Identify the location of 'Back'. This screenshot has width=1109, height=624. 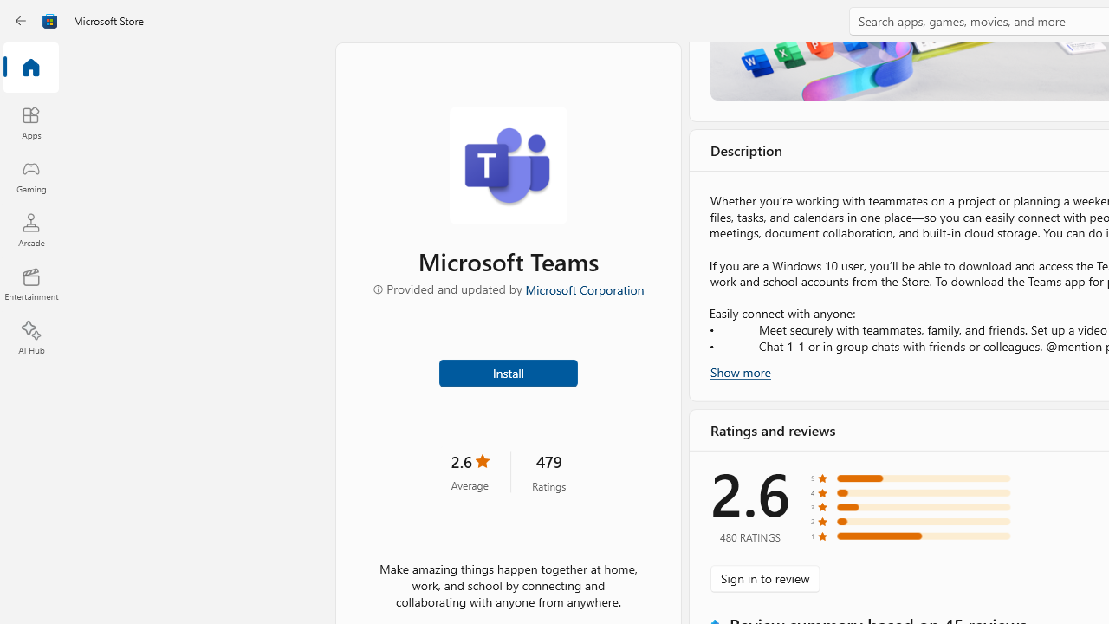
(21, 21).